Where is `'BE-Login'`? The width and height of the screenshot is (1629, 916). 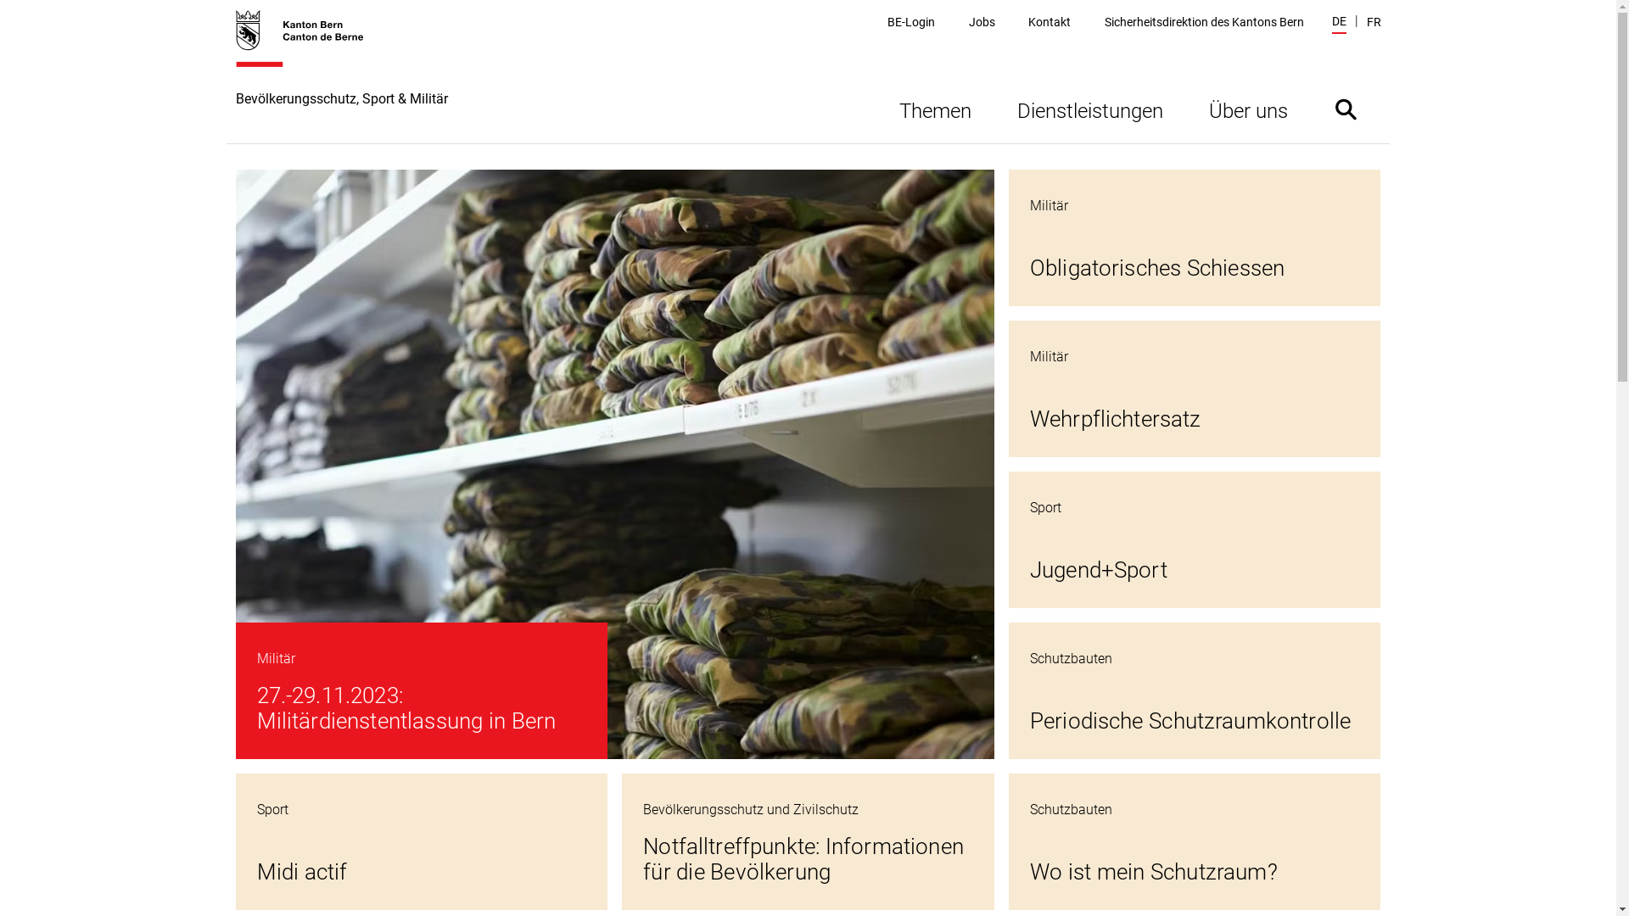 'BE-Login' is located at coordinates (910, 22).